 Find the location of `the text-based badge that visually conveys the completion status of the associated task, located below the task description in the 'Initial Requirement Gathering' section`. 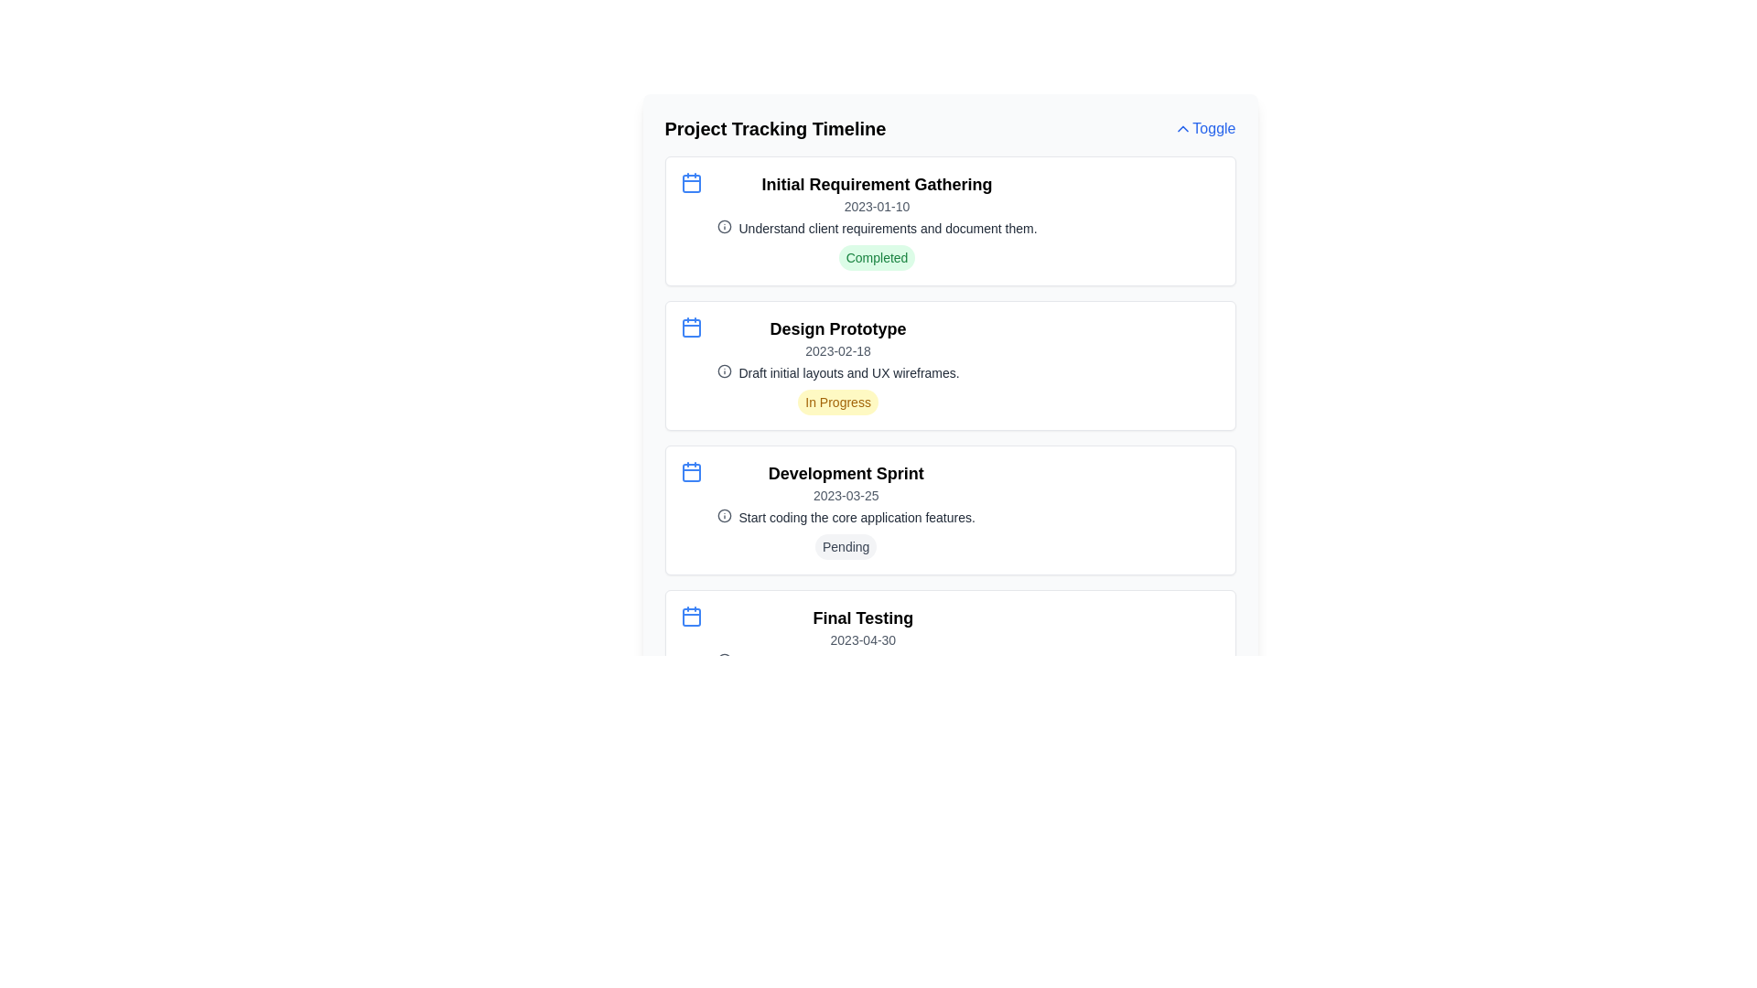

the text-based badge that visually conveys the completion status of the associated task, located below the task description in the 'Initial Requirement Gathering' section is located at coordinates (876, 257).